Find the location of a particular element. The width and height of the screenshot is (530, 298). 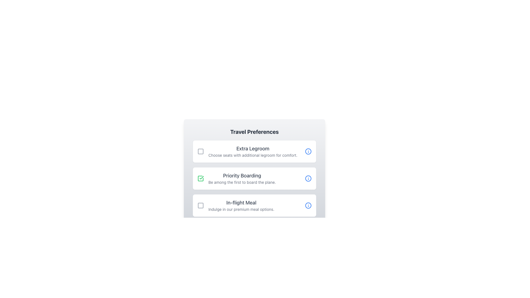

the text description block labeled 'In-flight Meal', which features a bold heading and a smaller description, located within the 'Travel Preferences' panel is located at coordinates (241, 205).